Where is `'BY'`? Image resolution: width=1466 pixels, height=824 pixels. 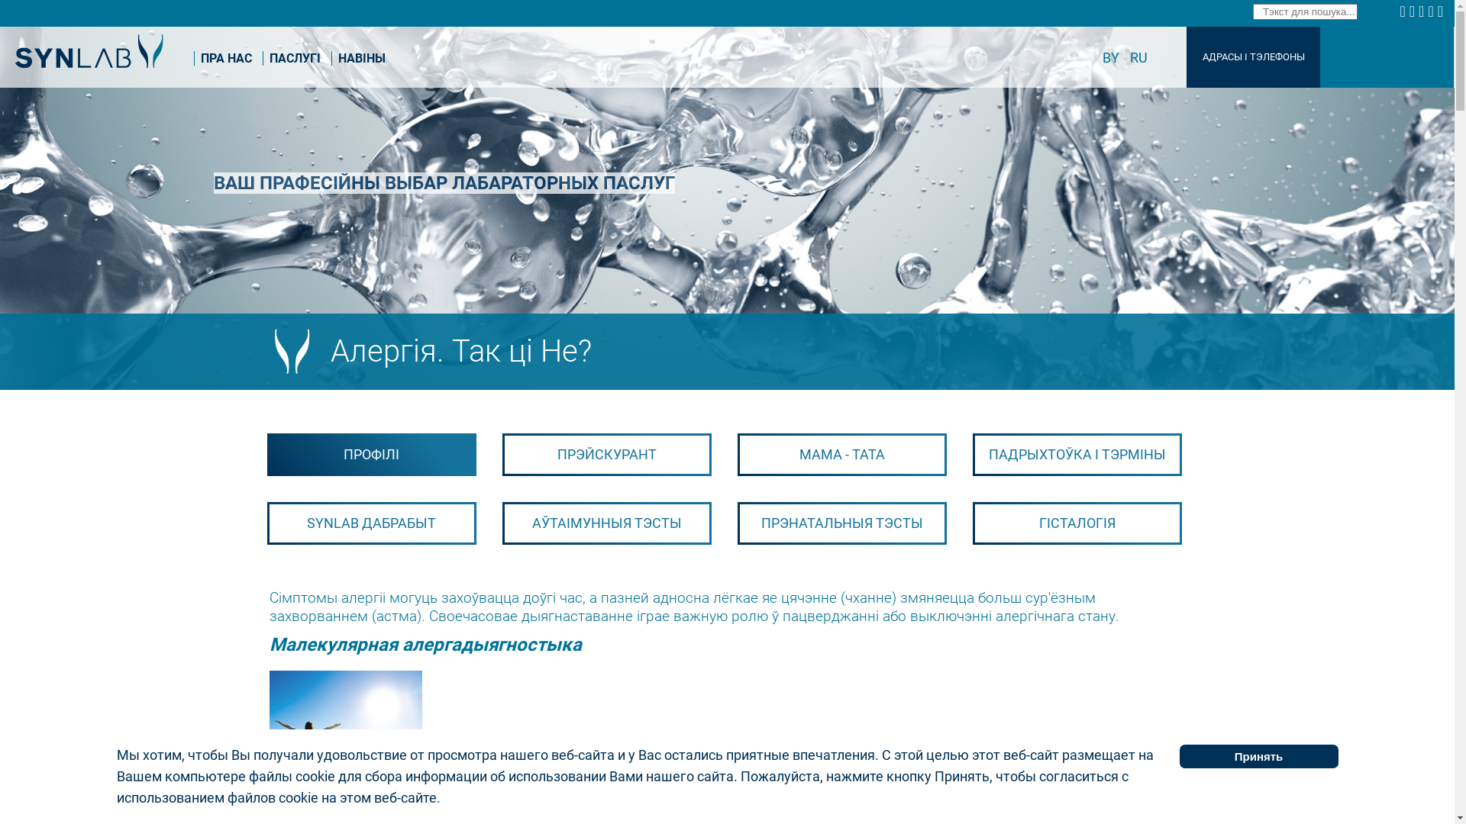
'BY' is located at coordinates (1112, 56).